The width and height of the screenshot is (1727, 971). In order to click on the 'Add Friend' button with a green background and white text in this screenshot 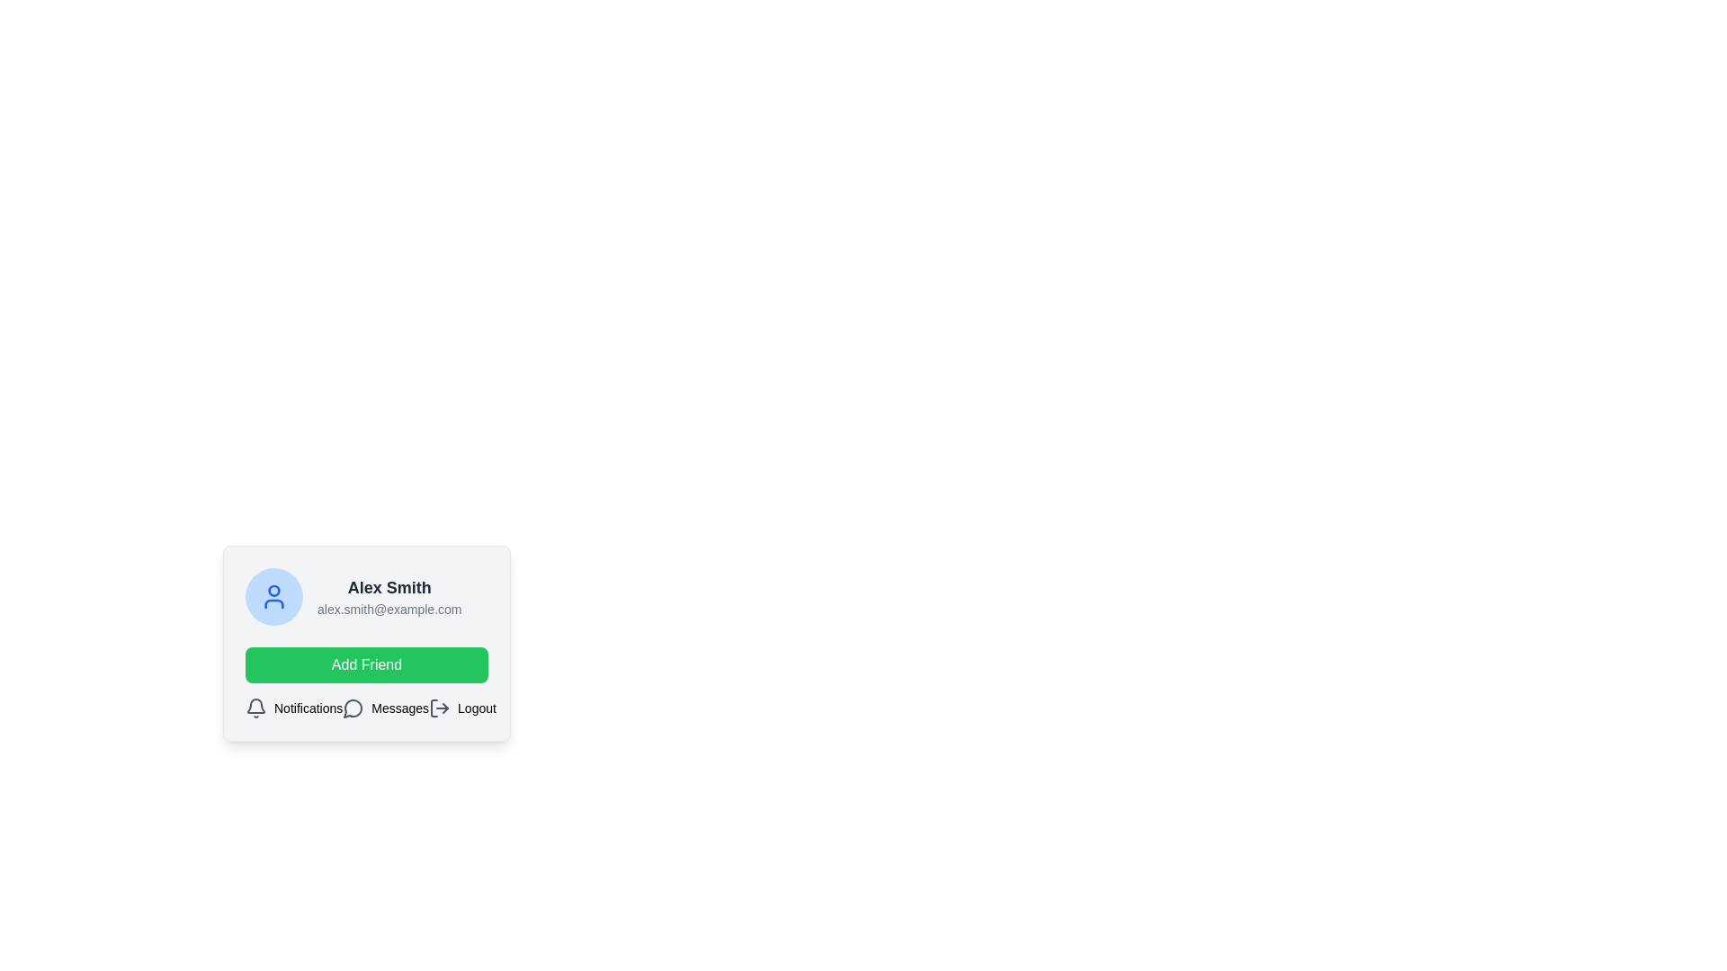, I will do `click(366, 682)`.